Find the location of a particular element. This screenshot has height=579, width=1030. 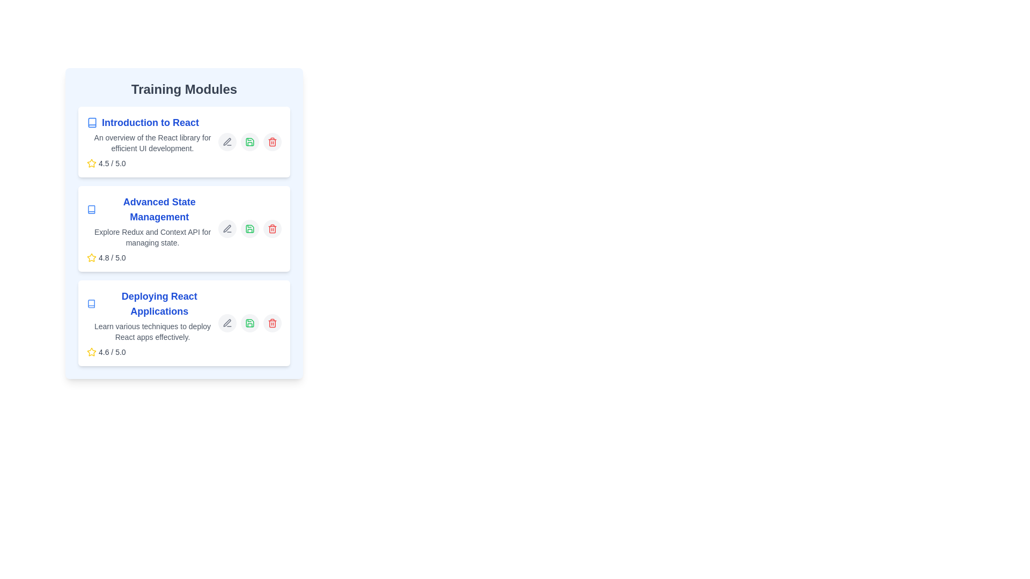

the Text label that reads 'Introduction to React' with an inline book icon, which serves as the main heading of the React training module is located at coordinates (152, 122).